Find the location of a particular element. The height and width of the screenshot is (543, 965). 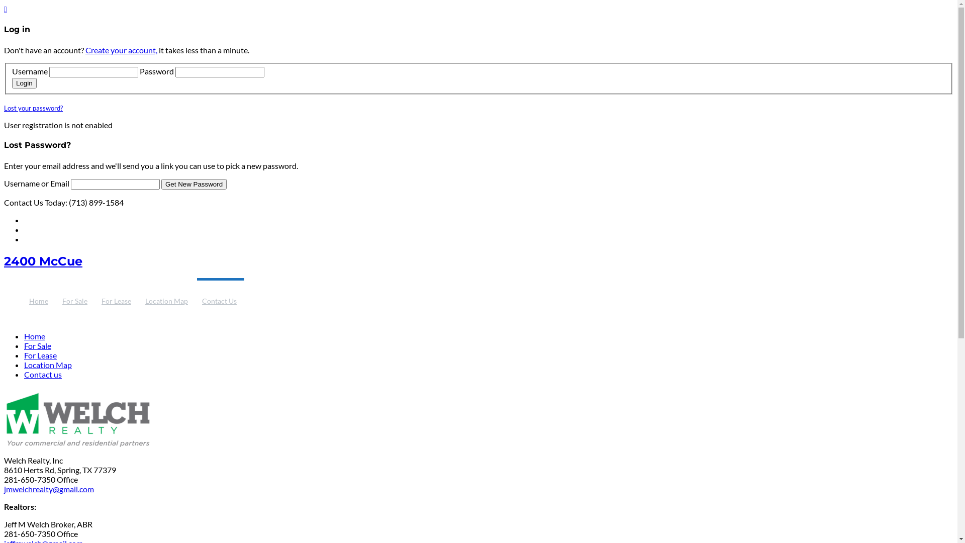

'2400 McCue' is located at coordinates (43, 260).